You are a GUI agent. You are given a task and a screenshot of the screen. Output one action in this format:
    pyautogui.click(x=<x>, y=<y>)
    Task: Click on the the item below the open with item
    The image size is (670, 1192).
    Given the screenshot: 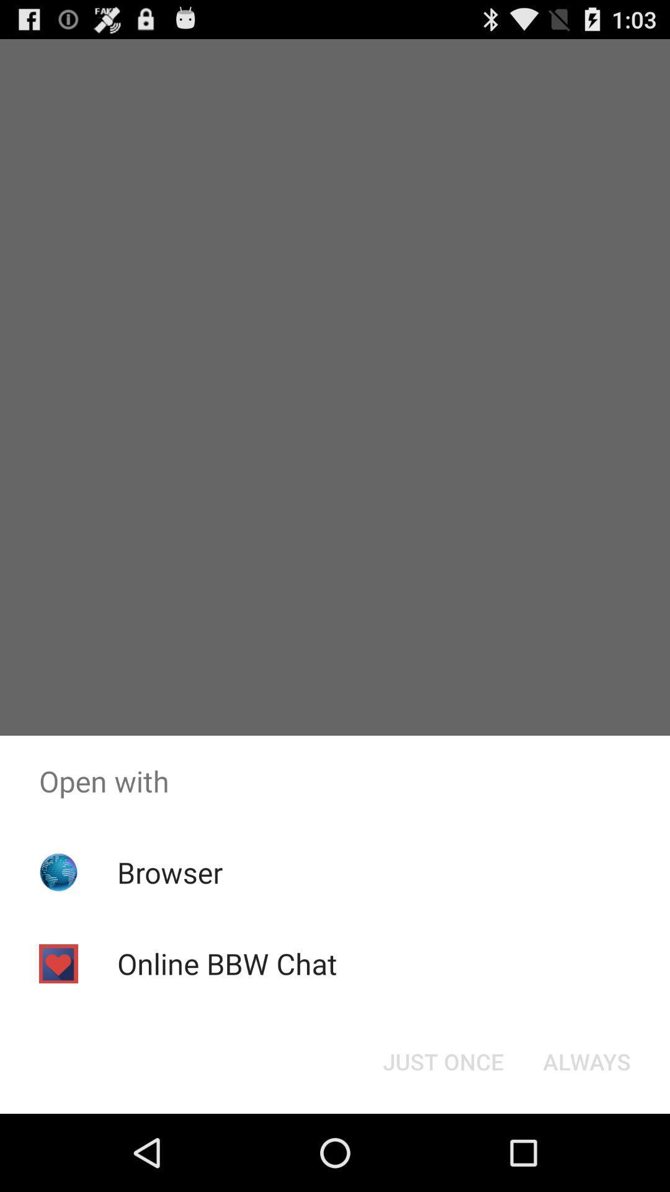 What is the action you would take?
    pyautogui.click(x=170, y=872)
    